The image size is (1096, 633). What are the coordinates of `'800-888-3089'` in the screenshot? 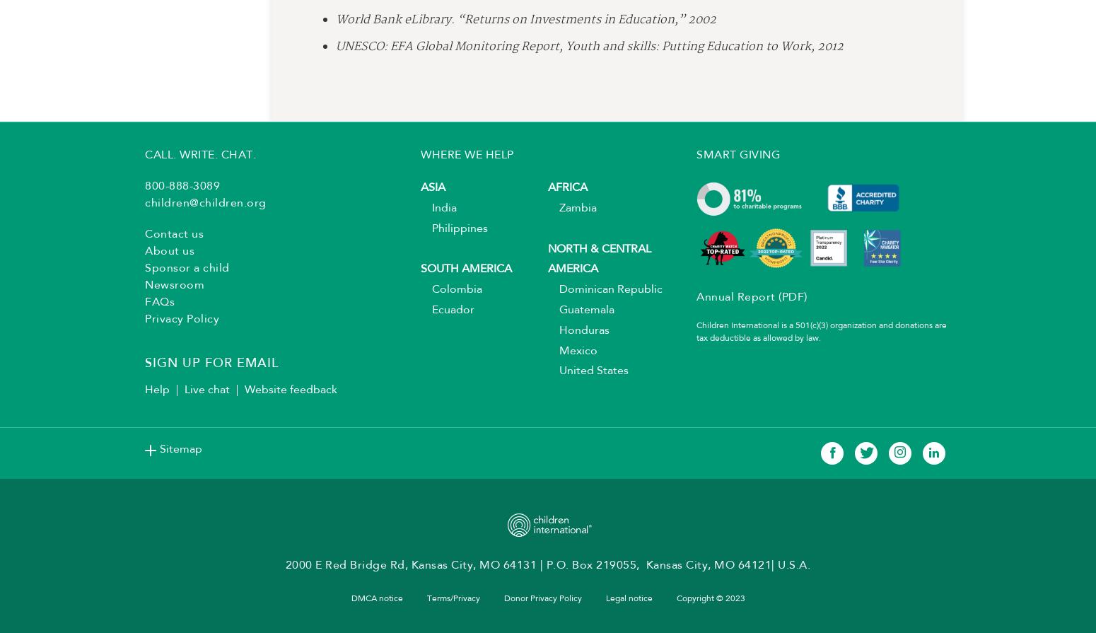 It's located at (182, 192).